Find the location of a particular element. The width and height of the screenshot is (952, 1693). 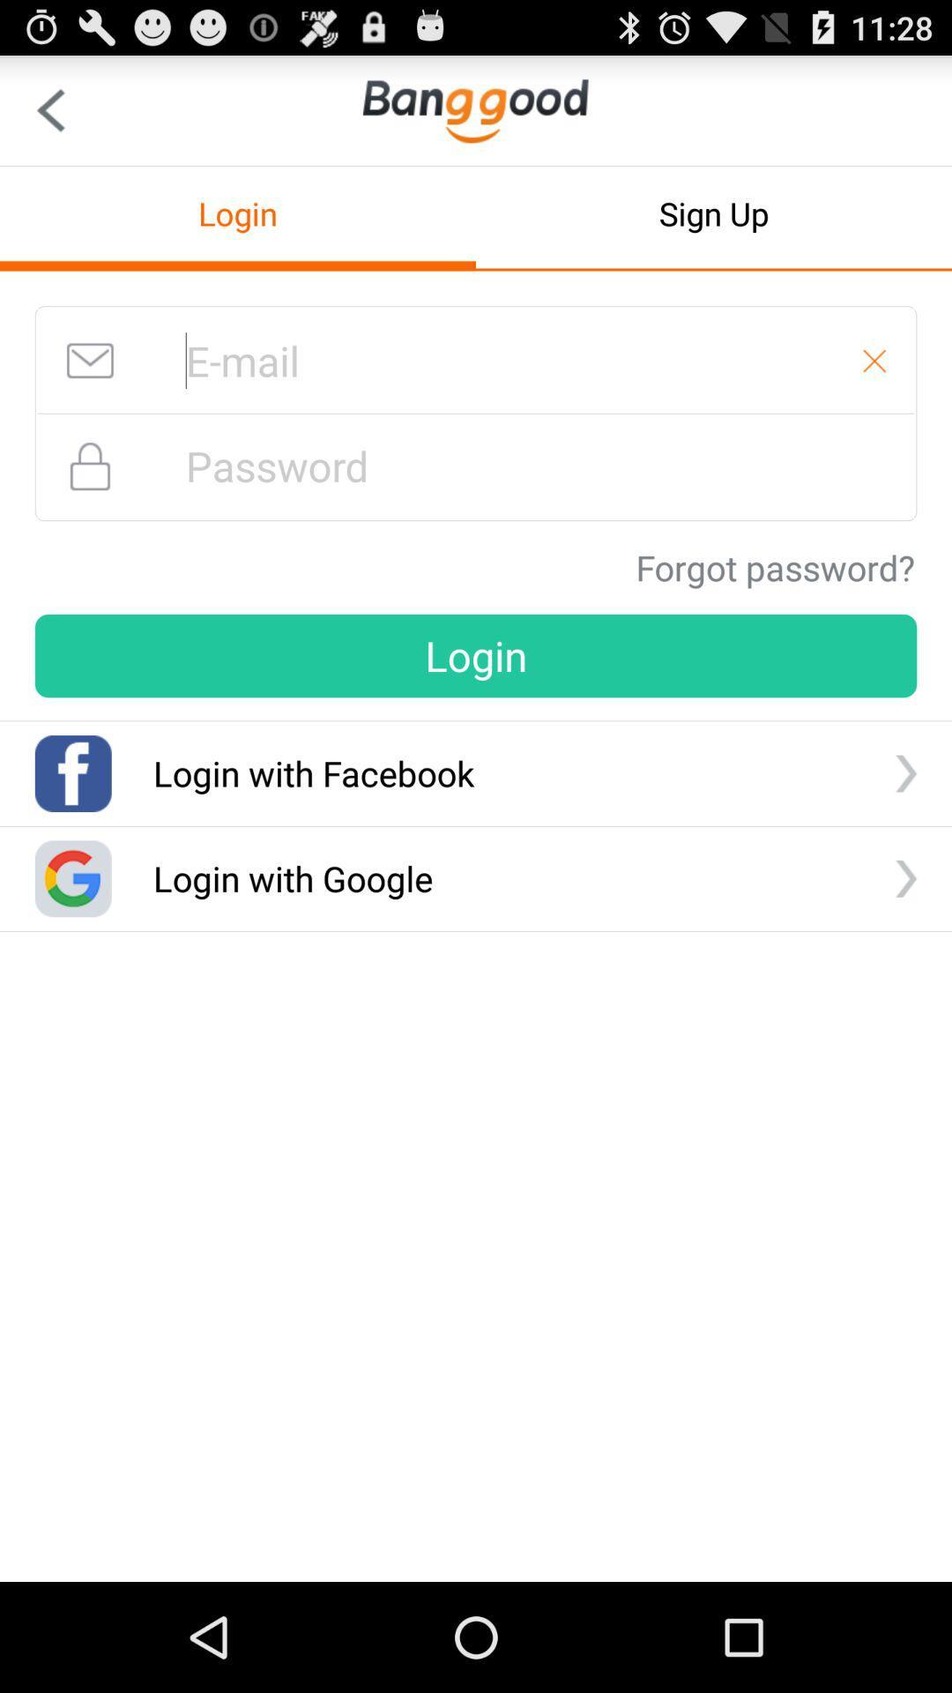

the arrow_backward icon is located at coordinates (49, 117).